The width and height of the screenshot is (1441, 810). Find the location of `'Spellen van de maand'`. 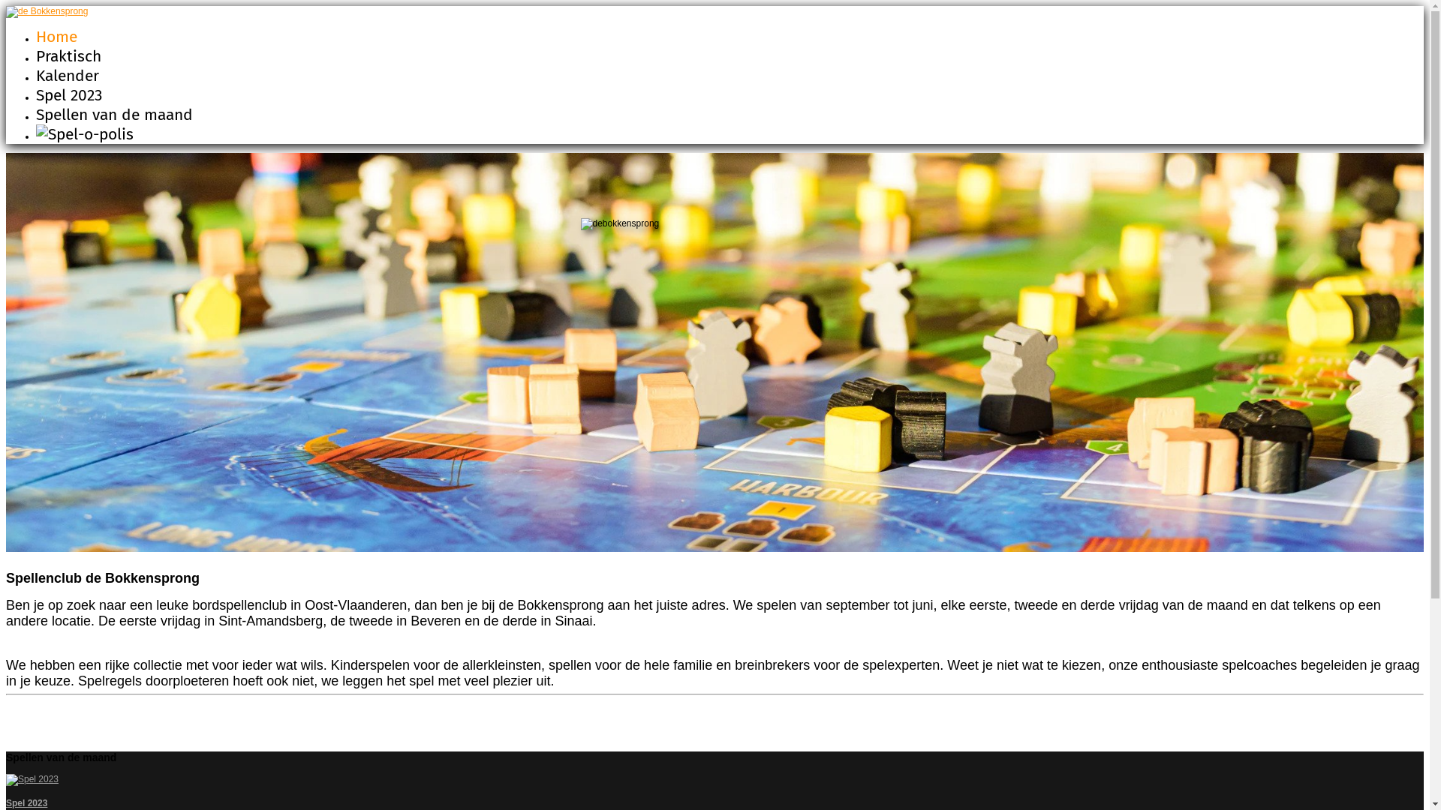

'Spellen van de maand' is located at coordinates (113, 114).